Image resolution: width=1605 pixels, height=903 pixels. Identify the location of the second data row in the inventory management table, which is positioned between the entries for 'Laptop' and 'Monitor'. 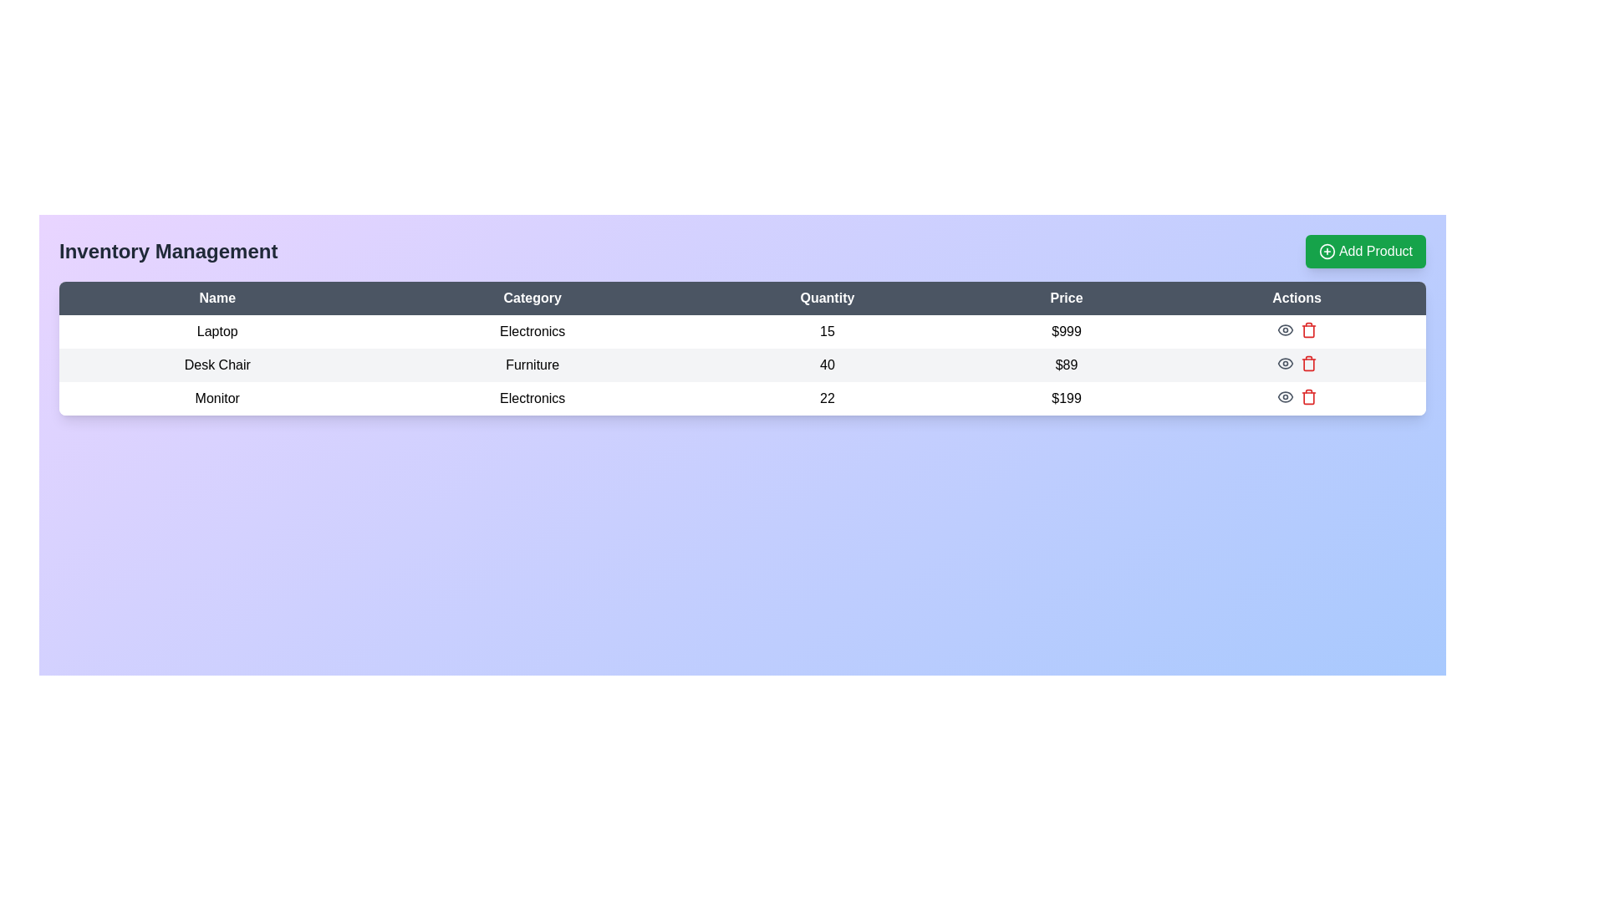
(741, 364).